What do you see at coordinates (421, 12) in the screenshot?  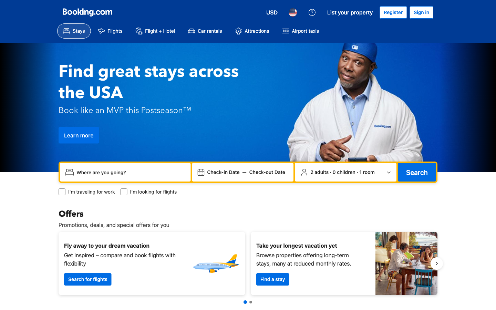 I see `my account login` at bounding box center [421, 12].